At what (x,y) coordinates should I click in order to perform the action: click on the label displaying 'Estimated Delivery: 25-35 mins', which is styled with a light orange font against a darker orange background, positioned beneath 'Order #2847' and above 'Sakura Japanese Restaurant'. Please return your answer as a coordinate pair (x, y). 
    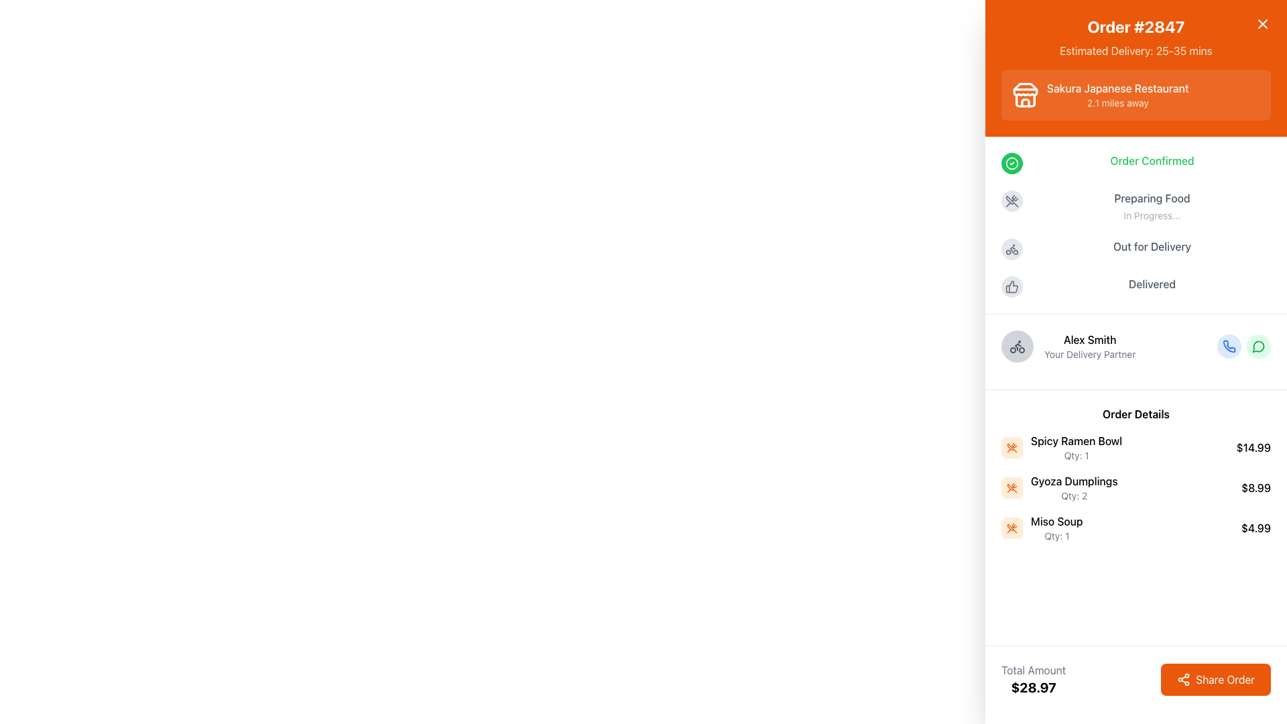
    Looking at the image, I should click on (1135, 50).